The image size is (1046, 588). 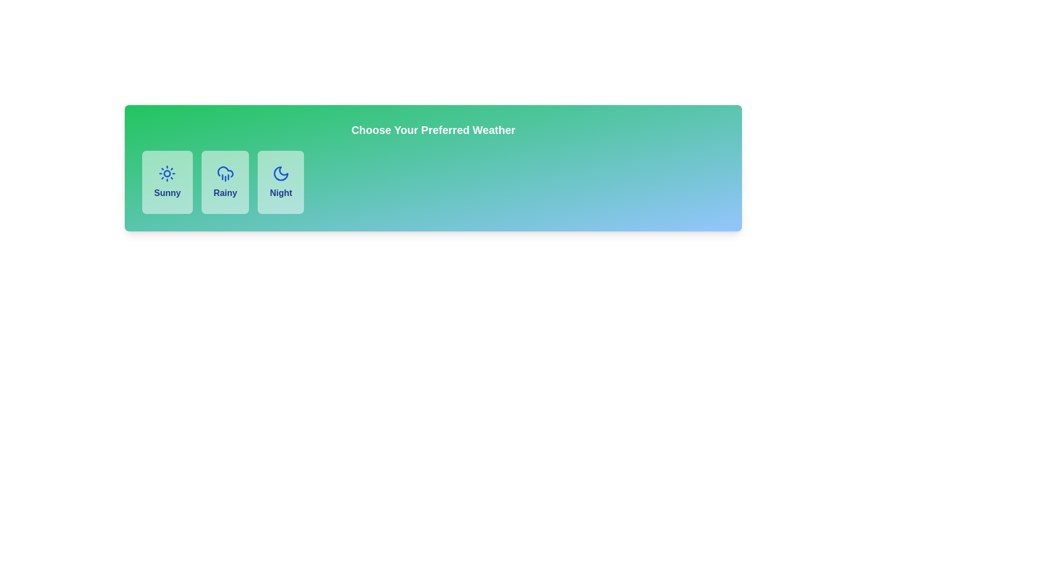 What do you see at coordinates (224, 171) in the screenshot?
I see `the cloud icon representing the 'Rainy' weather condition in the weather selection card` at bounding box center [224, 171].